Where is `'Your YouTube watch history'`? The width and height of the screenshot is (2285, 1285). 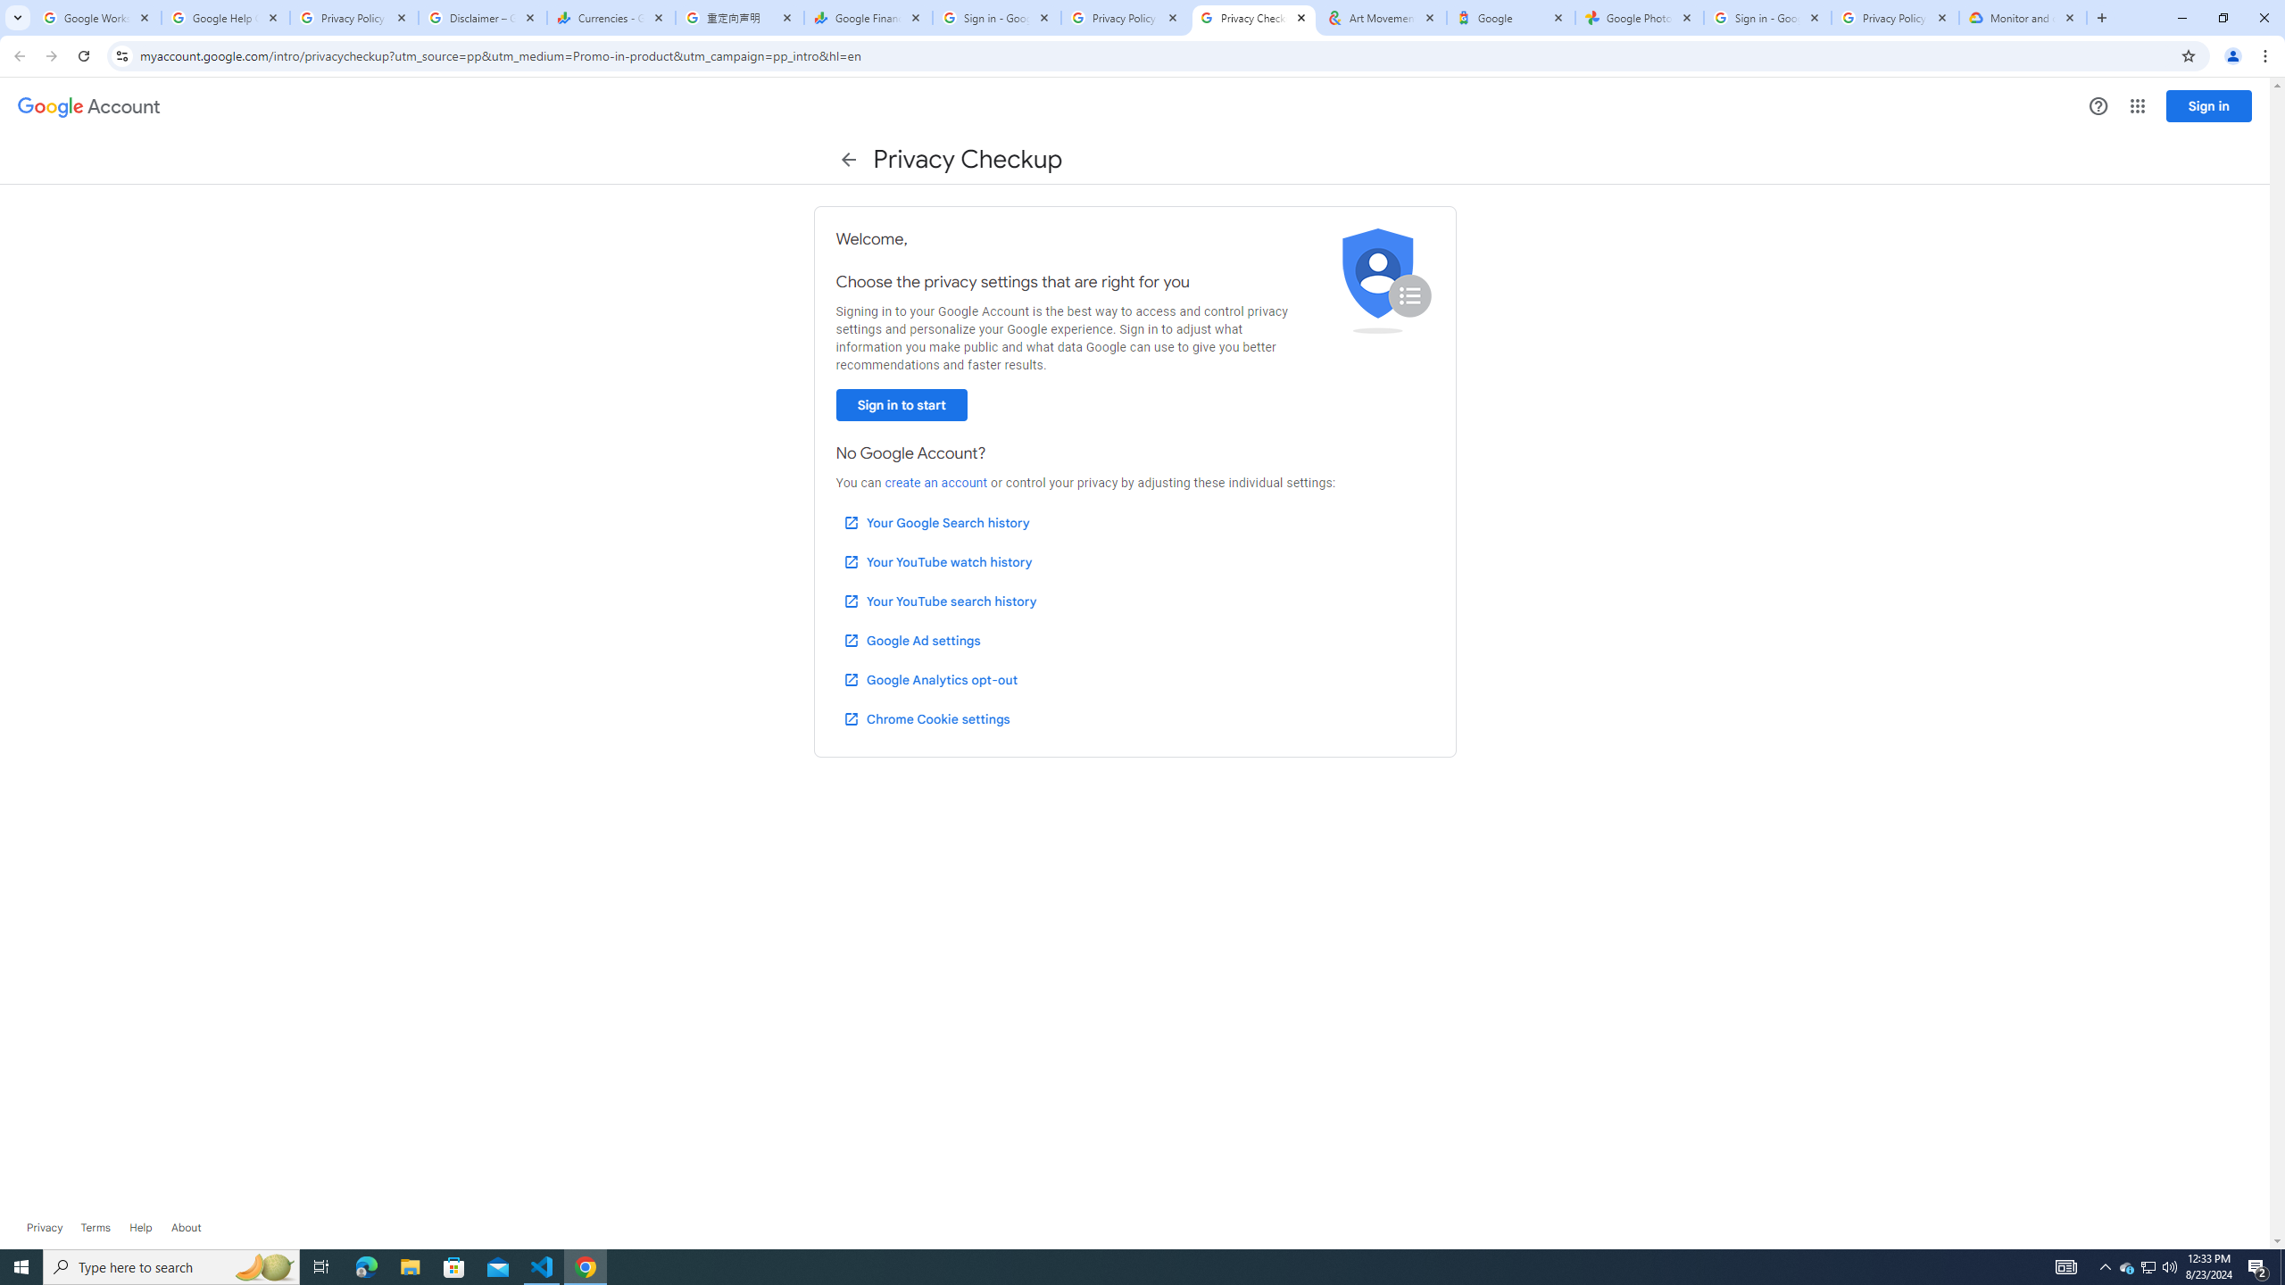 'Your YouTube watch history' is located at coordinates (936, 561).